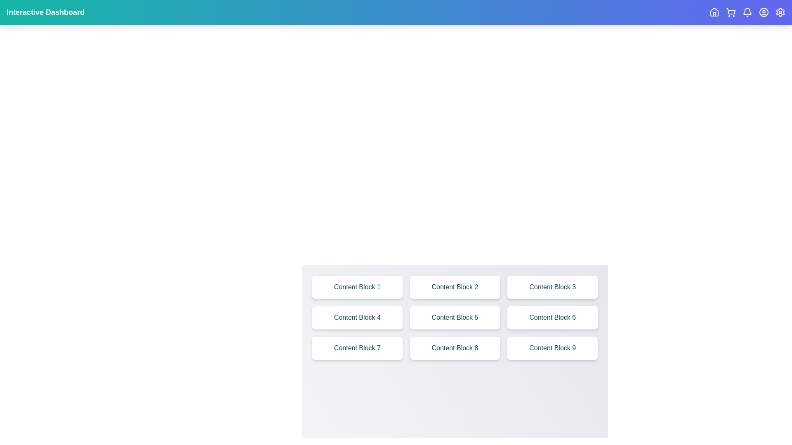 Image resolution: width=792 pixels, height=445 pixels. Describe the element at coordinates (764, 12) in the screenshot. I see `the interactive icon corresponding to UserCircle` at that location.